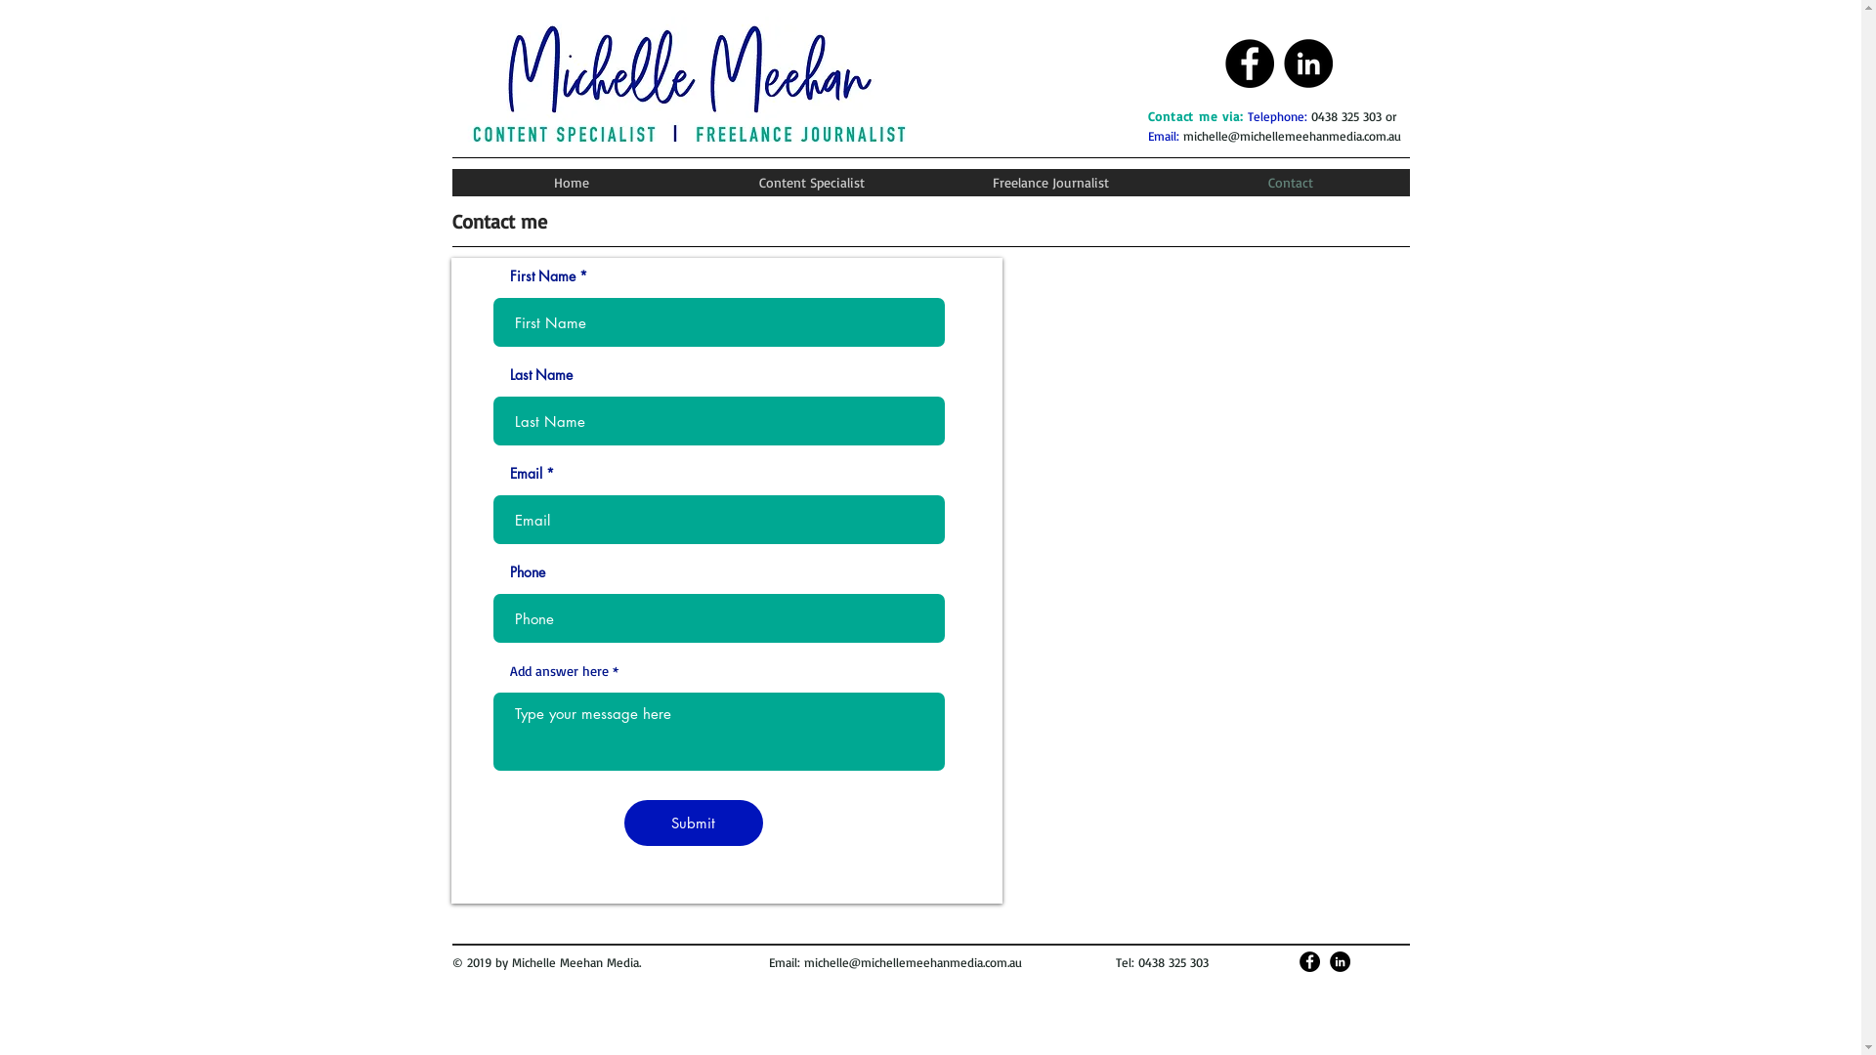 This screenshot has width=1876, height=1055. Describe the element at coordinates (693, 823) in the screenshot. I see `'Submit'` at that location.